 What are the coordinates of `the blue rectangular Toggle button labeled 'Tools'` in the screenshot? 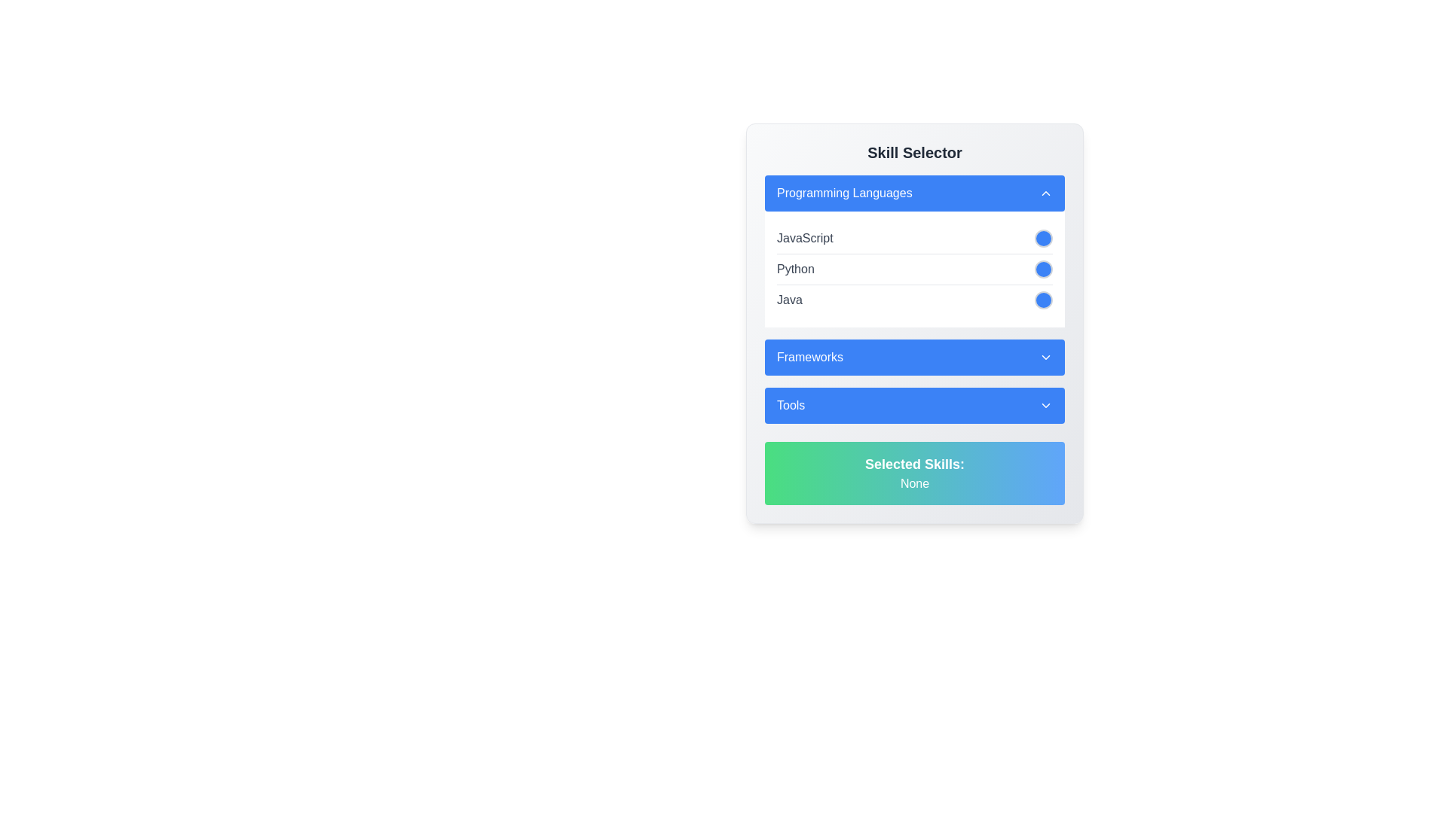 It's located at (914, 405).